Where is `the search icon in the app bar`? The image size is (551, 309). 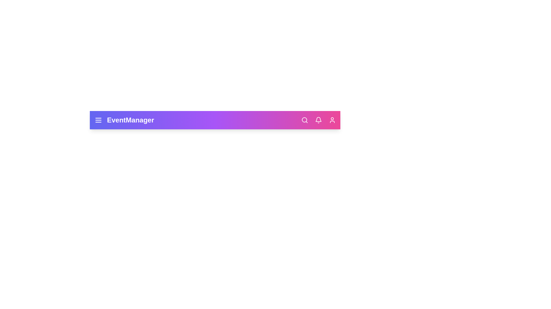
the search icon in the app bar is located at coordinates (304, 120).